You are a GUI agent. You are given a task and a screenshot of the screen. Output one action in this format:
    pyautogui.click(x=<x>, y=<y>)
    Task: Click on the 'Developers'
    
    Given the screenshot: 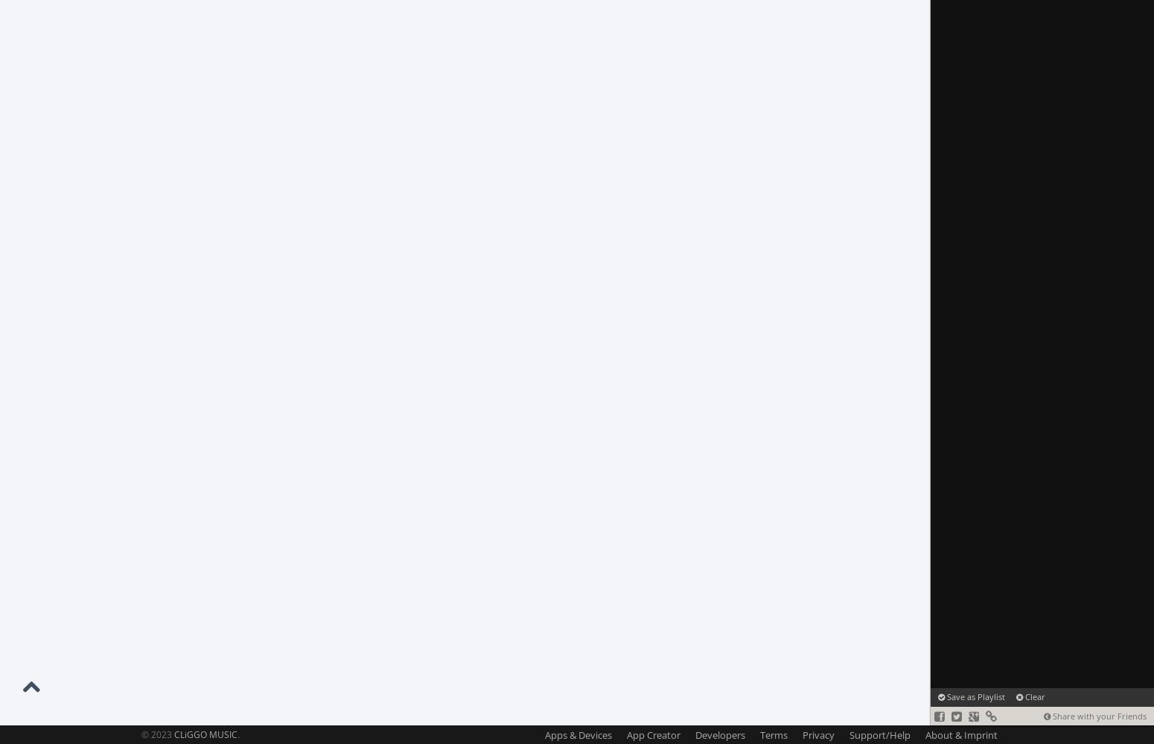 What is the action you would take?
    pyautogui.click(x=719, y=734)
    